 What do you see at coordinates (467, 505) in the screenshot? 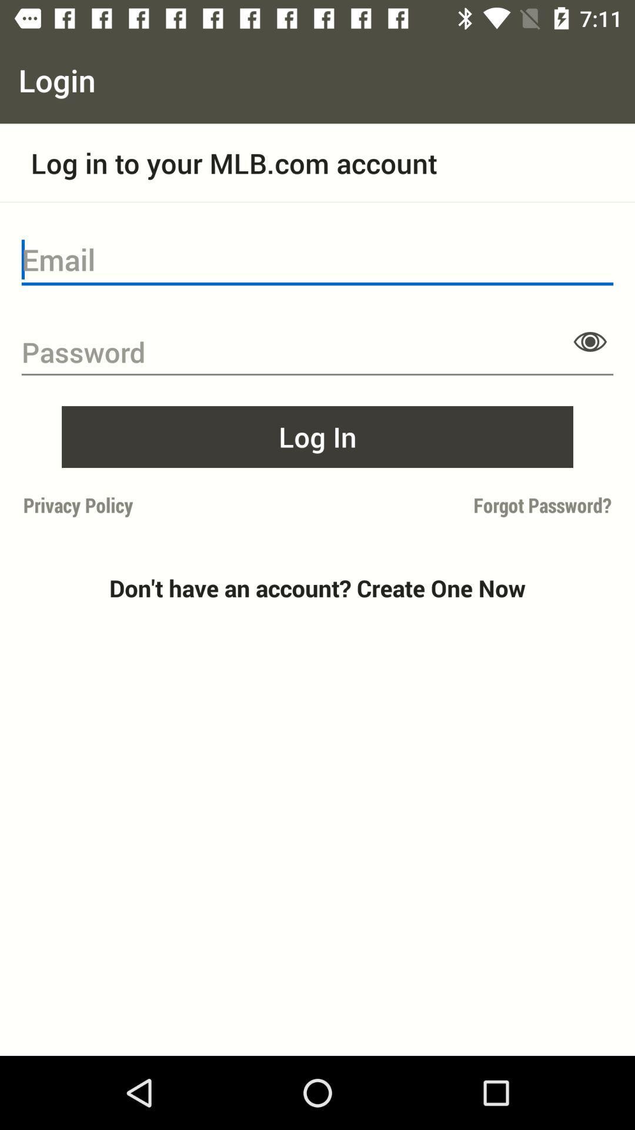
I see `item above don t have` at bounding box center [467, 505].